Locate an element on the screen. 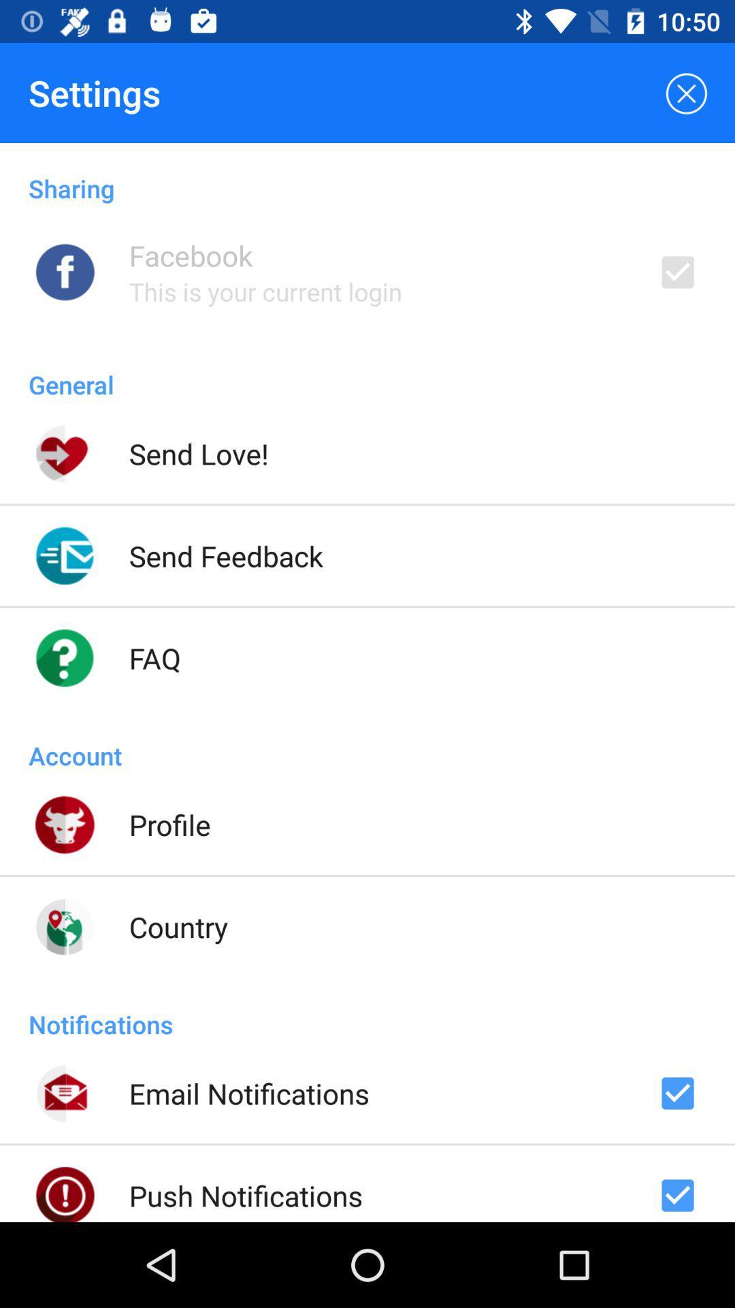 The width and height of the screenshot is (735, 1308). country icon is located at coordinates (178, 926).